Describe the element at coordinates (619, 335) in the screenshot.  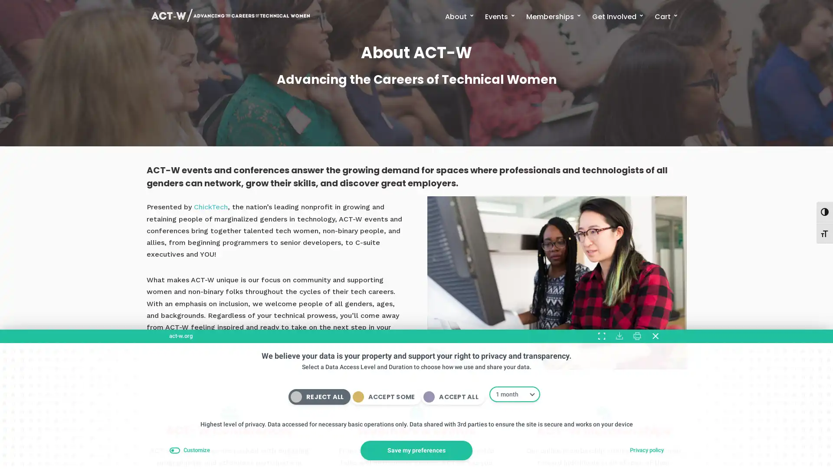
I see `Download Consent` at that location.